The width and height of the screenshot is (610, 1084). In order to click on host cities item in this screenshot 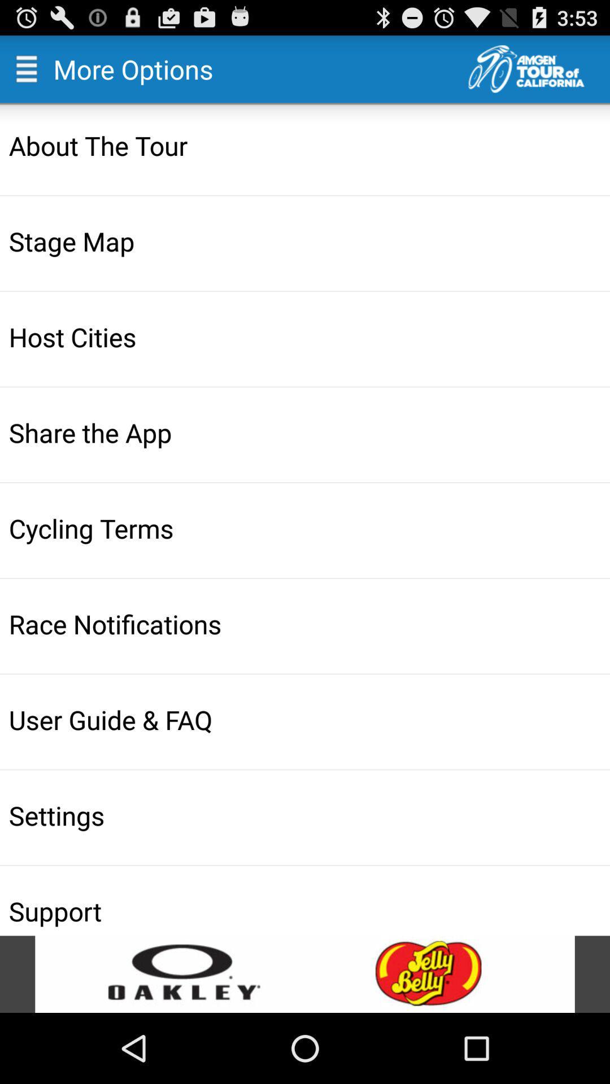, I will do `click(306, 336)`.